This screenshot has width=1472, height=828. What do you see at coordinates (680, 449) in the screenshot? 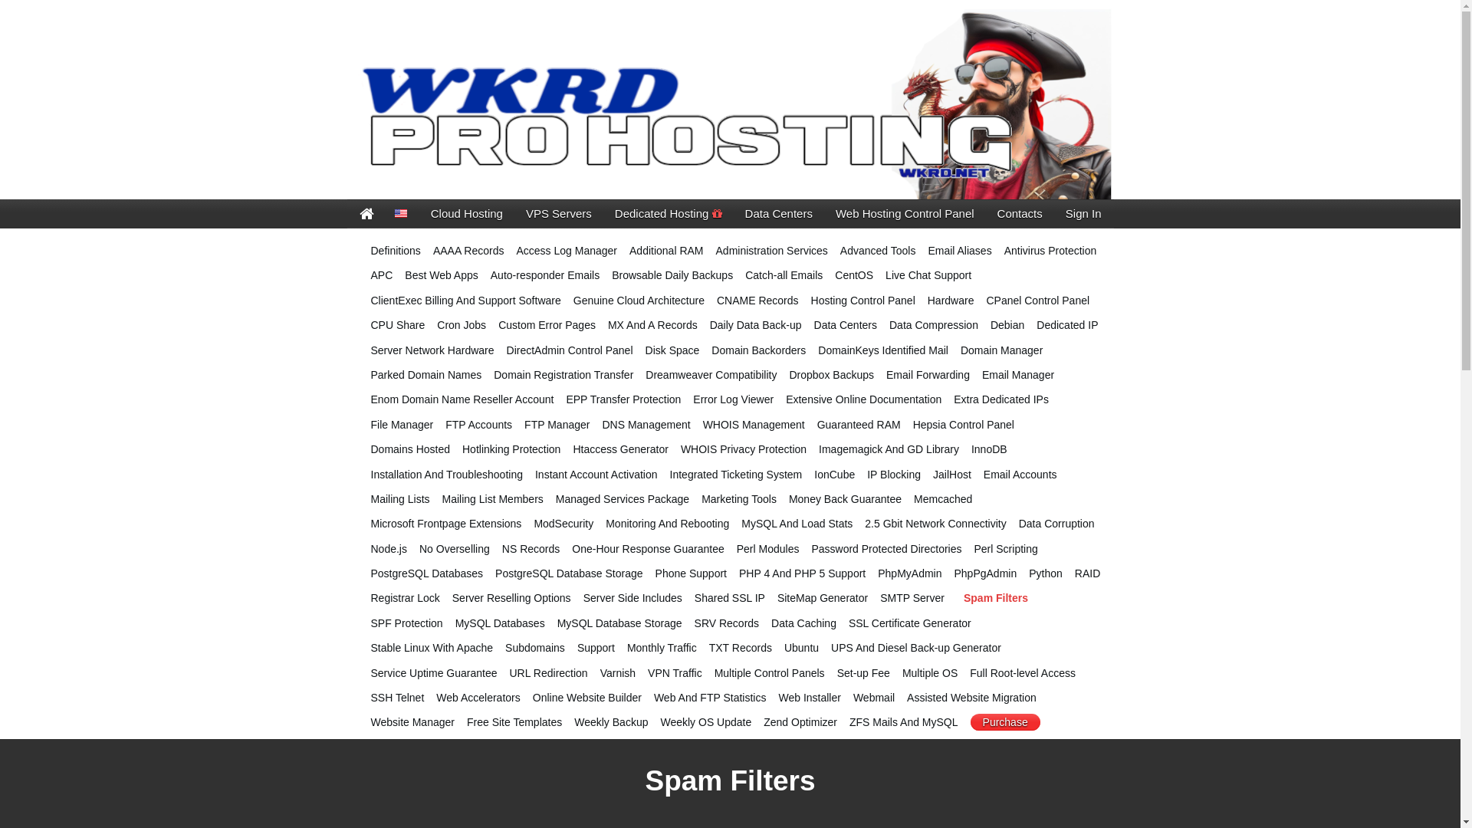
I see `'WHOIS Privacy Protection'` at bounding box center [680, 449].